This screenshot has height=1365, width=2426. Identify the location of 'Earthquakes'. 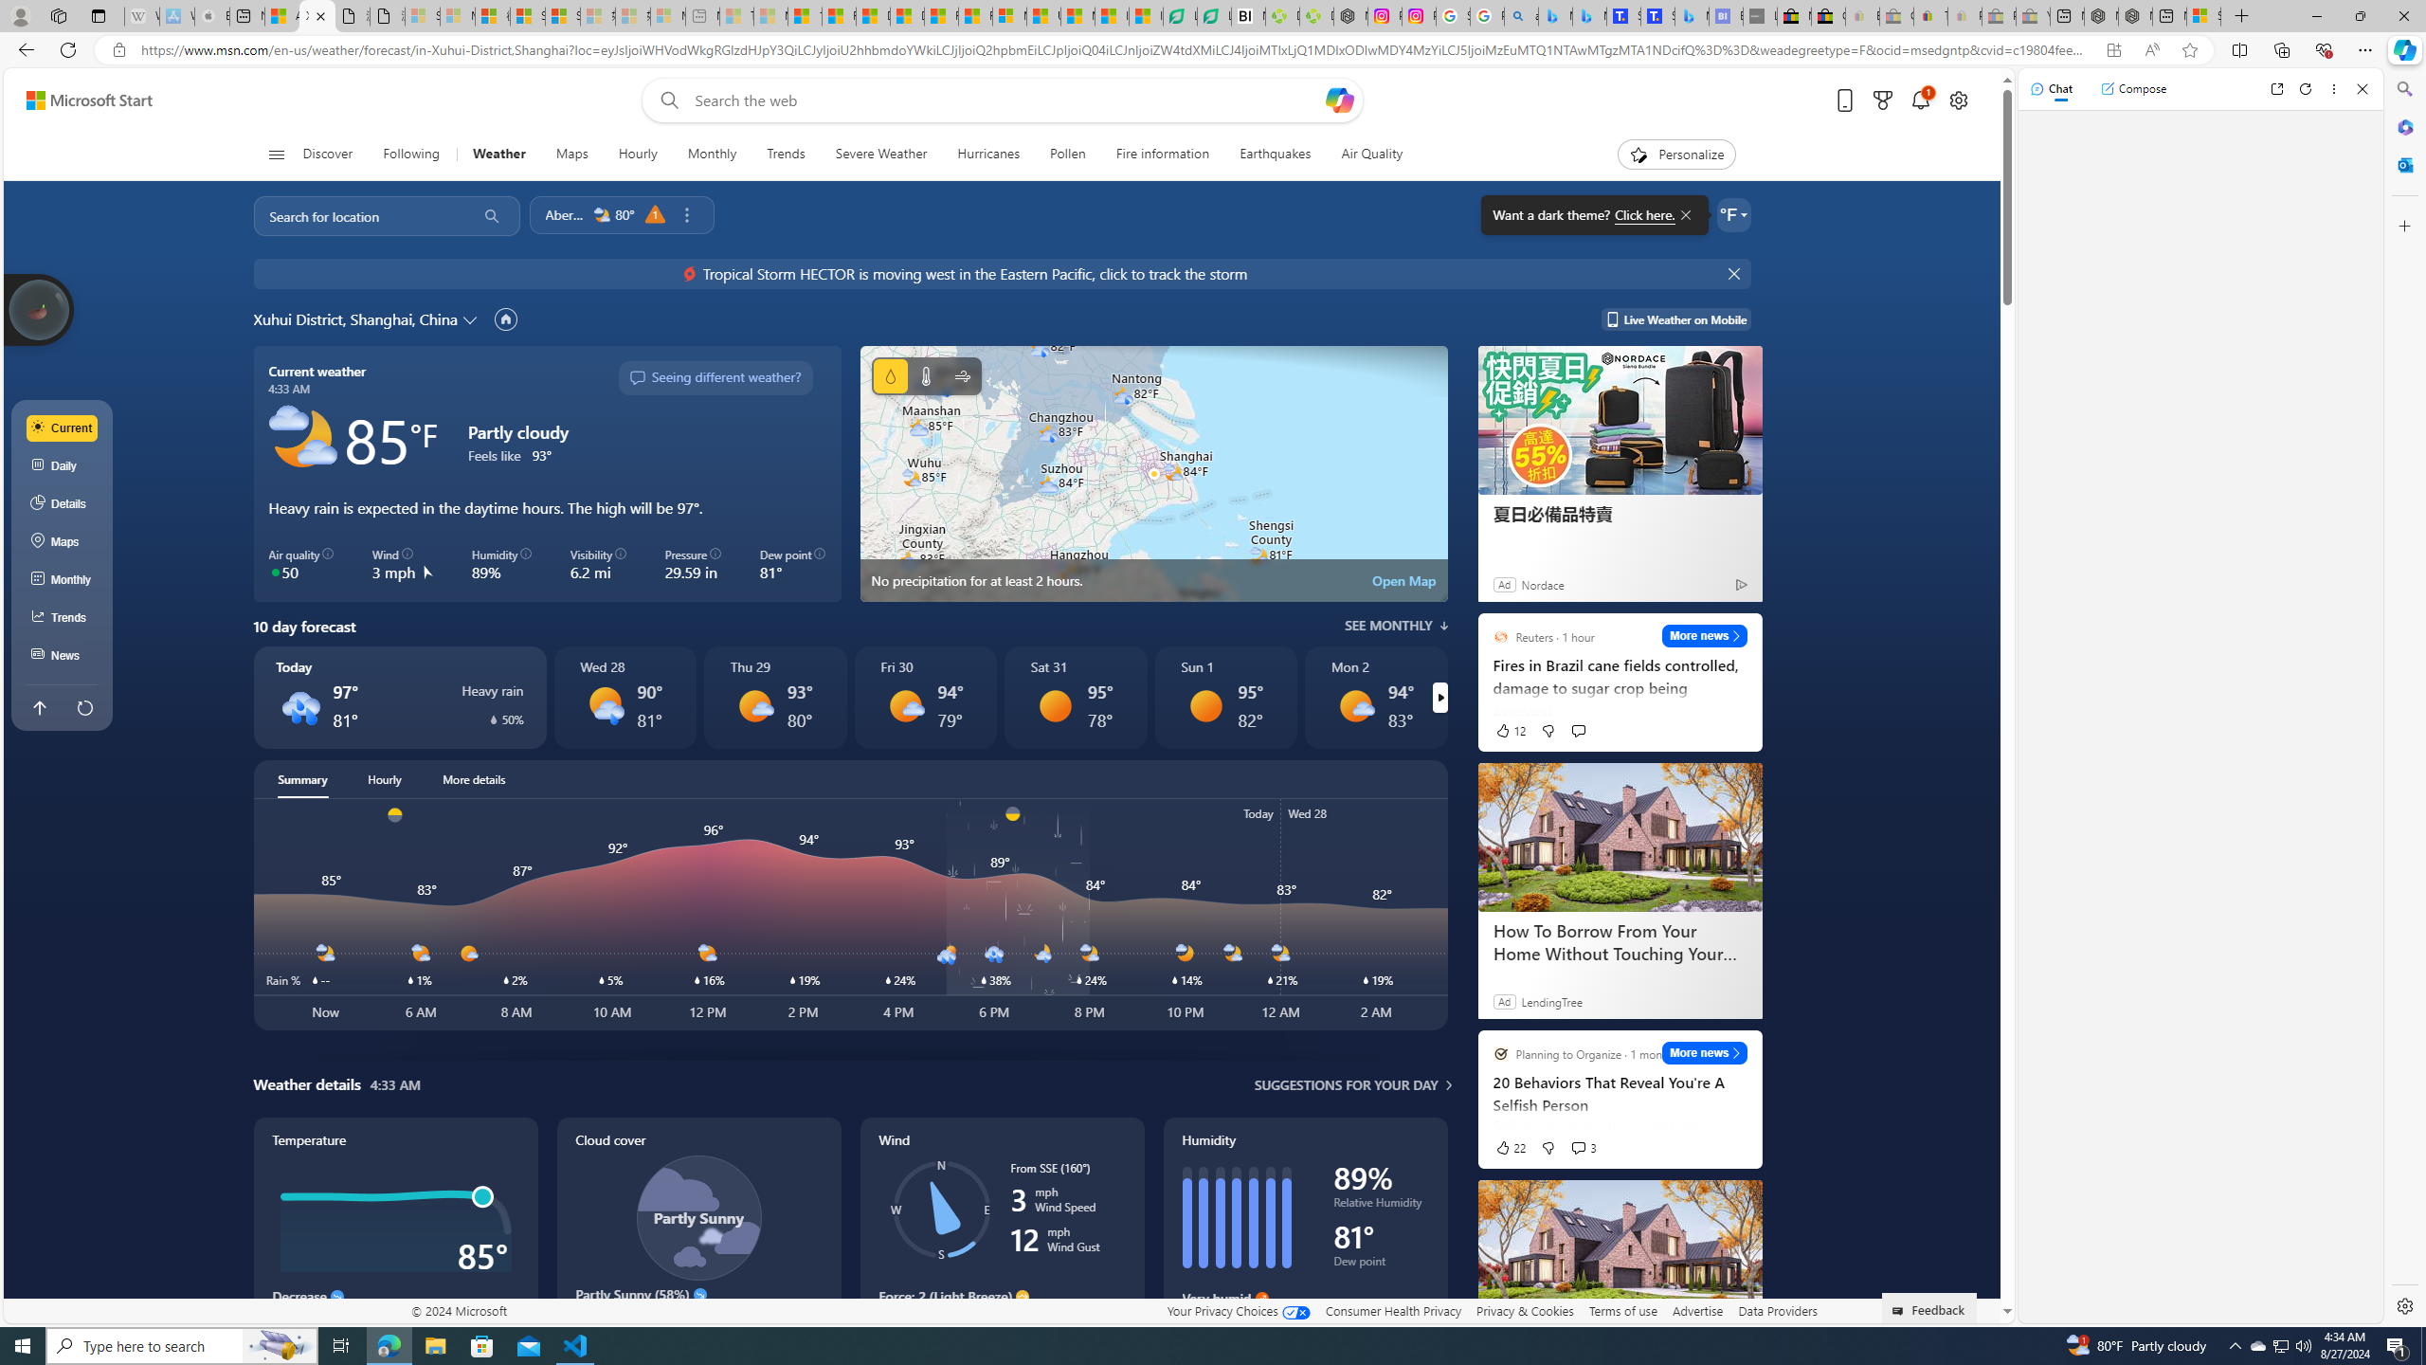
(1275, 154).